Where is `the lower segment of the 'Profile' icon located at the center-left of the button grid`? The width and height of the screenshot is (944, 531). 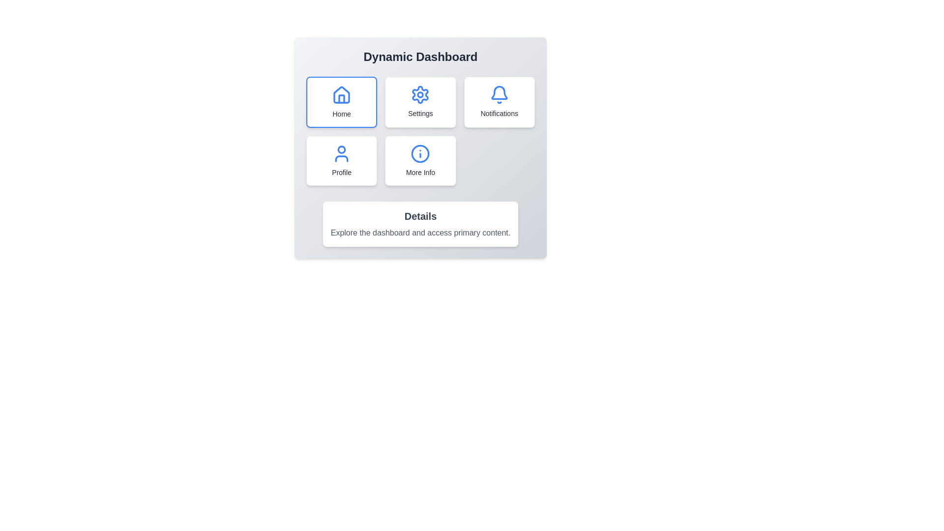
the lower segment of the 'Profile' icon located at the center-left of the button grid is located at coordinates (342, 158).